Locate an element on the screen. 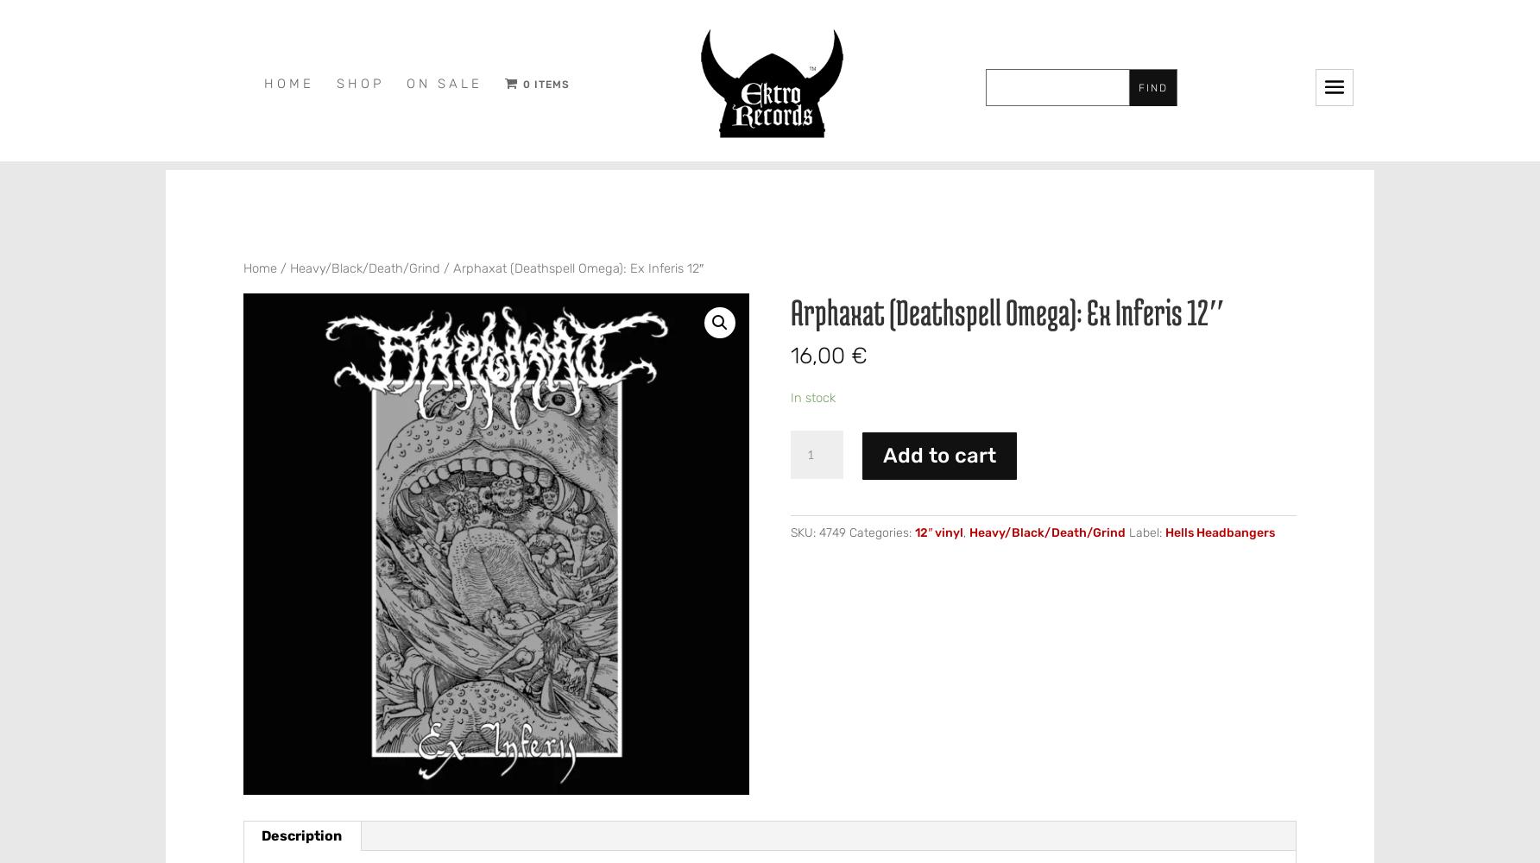 This screenshot has width=1540, height=863. '/' is located at coordinates (283, 268).